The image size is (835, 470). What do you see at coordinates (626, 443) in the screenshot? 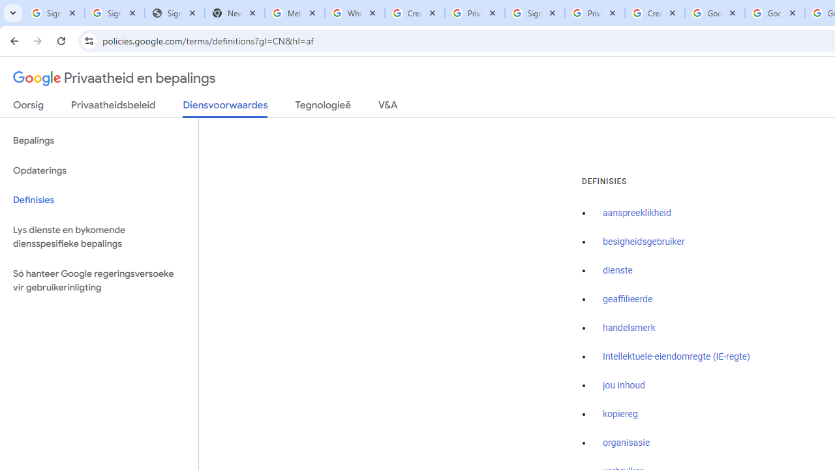
I see `'organisasie'` at bounding box center [626, 443].